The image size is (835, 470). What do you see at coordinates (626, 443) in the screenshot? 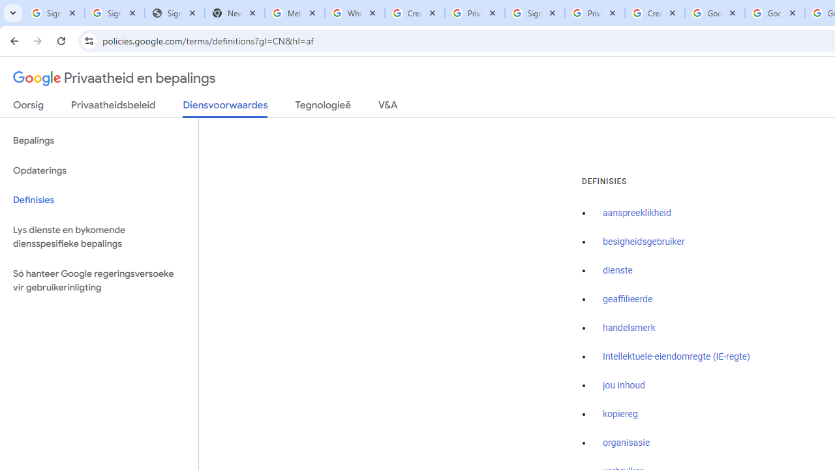
I see `'organisasie'` at bounding box center [626, 443].